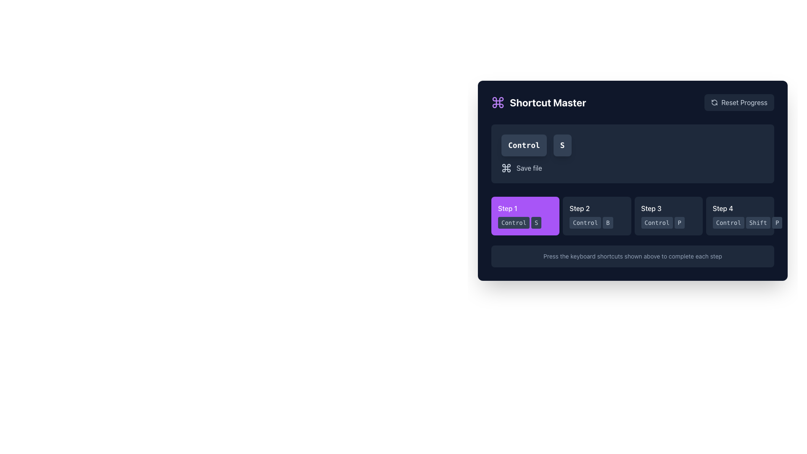 The image size is (807, 454). Describe the element at coordinates (714, 102) in the screenshot. I see `the circular refresh icon located to the left of the 'Reset Progress' button in the 'Shortcut Master' box` at that location.